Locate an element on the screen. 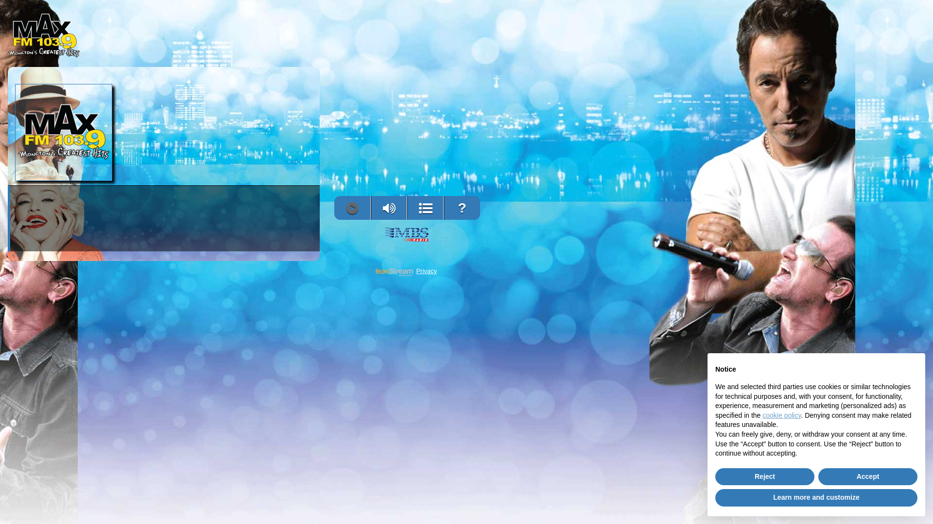 This screenshot has width=933, height=524. 'cookie policy' is located at coordinates (781, 415).